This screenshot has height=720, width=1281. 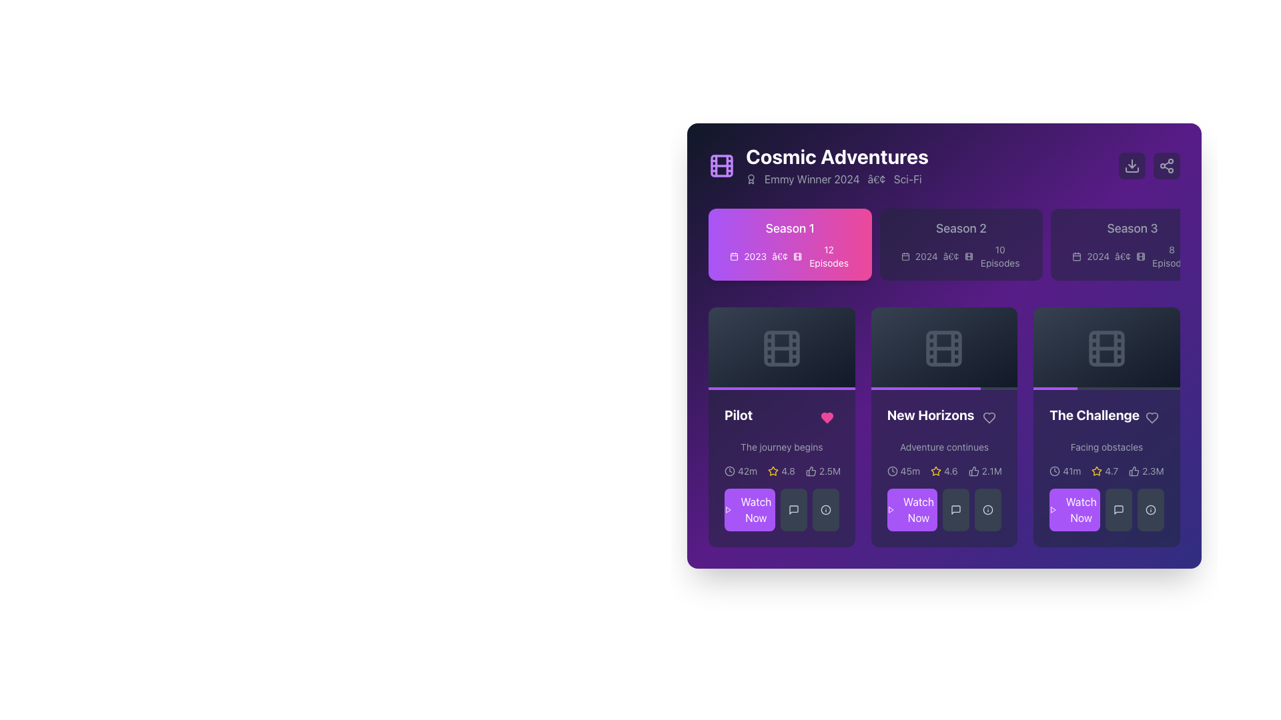 What do you see at coordinates (961, 257) in the screenshot?
I see `the associated iconography for the text snippet '2024 • 10 Episodes' located below the title 'Season 2' in the center of the card for 'Season 2'` at bounding box center [961, 257].